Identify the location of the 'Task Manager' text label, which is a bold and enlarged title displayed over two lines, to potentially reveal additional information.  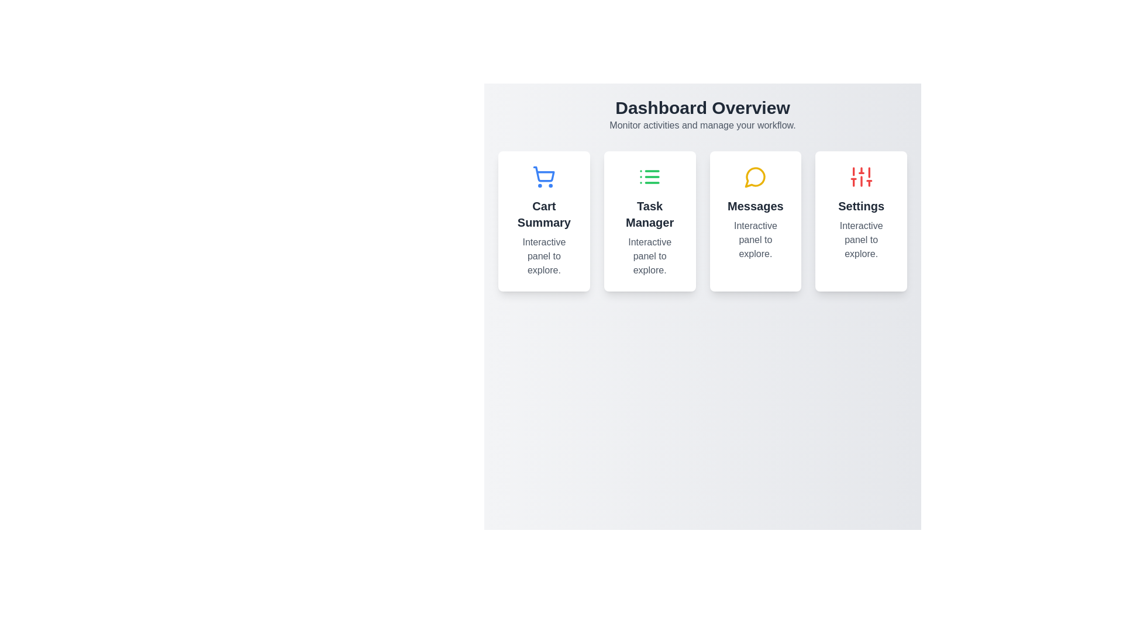
(649, 214).